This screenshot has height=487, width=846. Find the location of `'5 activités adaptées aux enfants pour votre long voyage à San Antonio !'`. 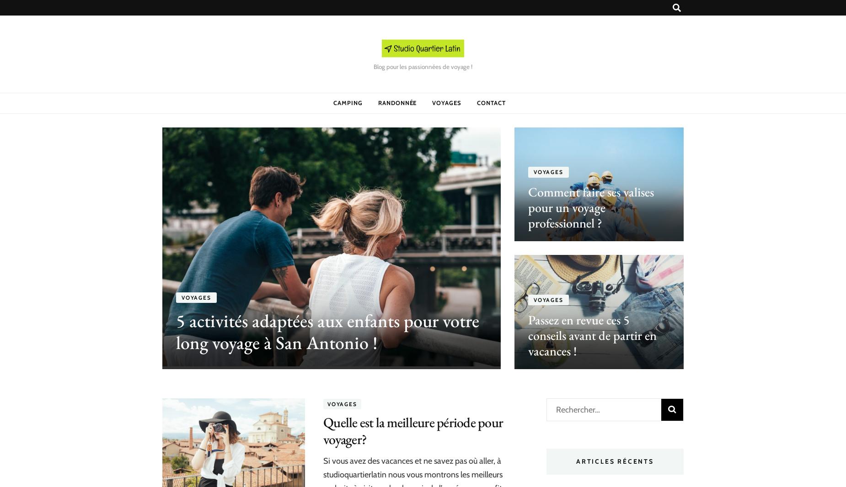

'5 activités adaptées aux enfants pour votre long voyage à San Antonio !' is located at coordinates (175, 331).